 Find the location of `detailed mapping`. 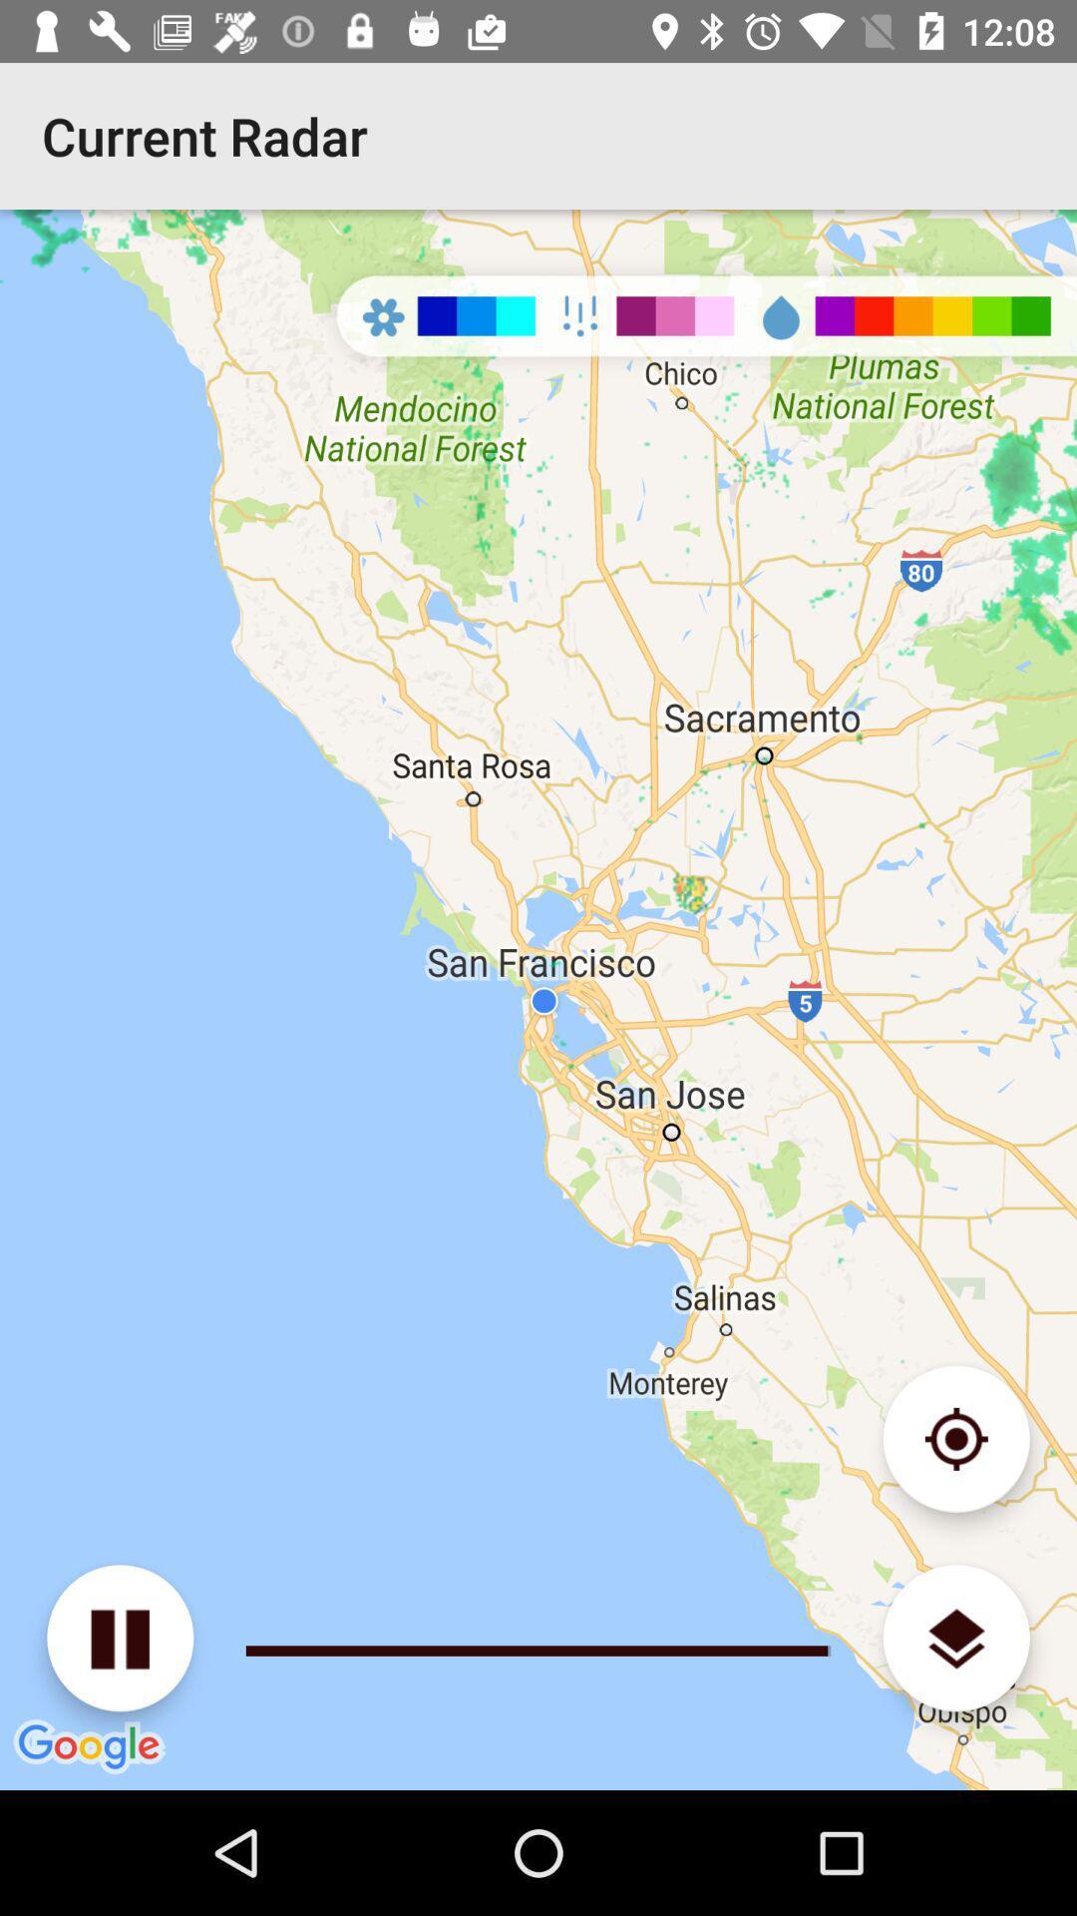

detailed mapping is located at coordinates (955, 1439).